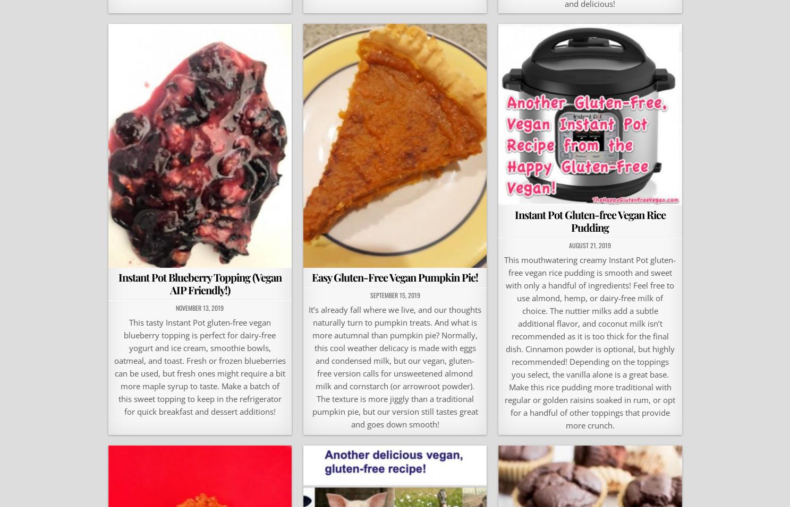  What do you see at coordinates (394, 276) in the screenshot?
I see `'Easy Gluten-Free Vegan Pumpkin Pie!'` at bounding box center [394, 276].